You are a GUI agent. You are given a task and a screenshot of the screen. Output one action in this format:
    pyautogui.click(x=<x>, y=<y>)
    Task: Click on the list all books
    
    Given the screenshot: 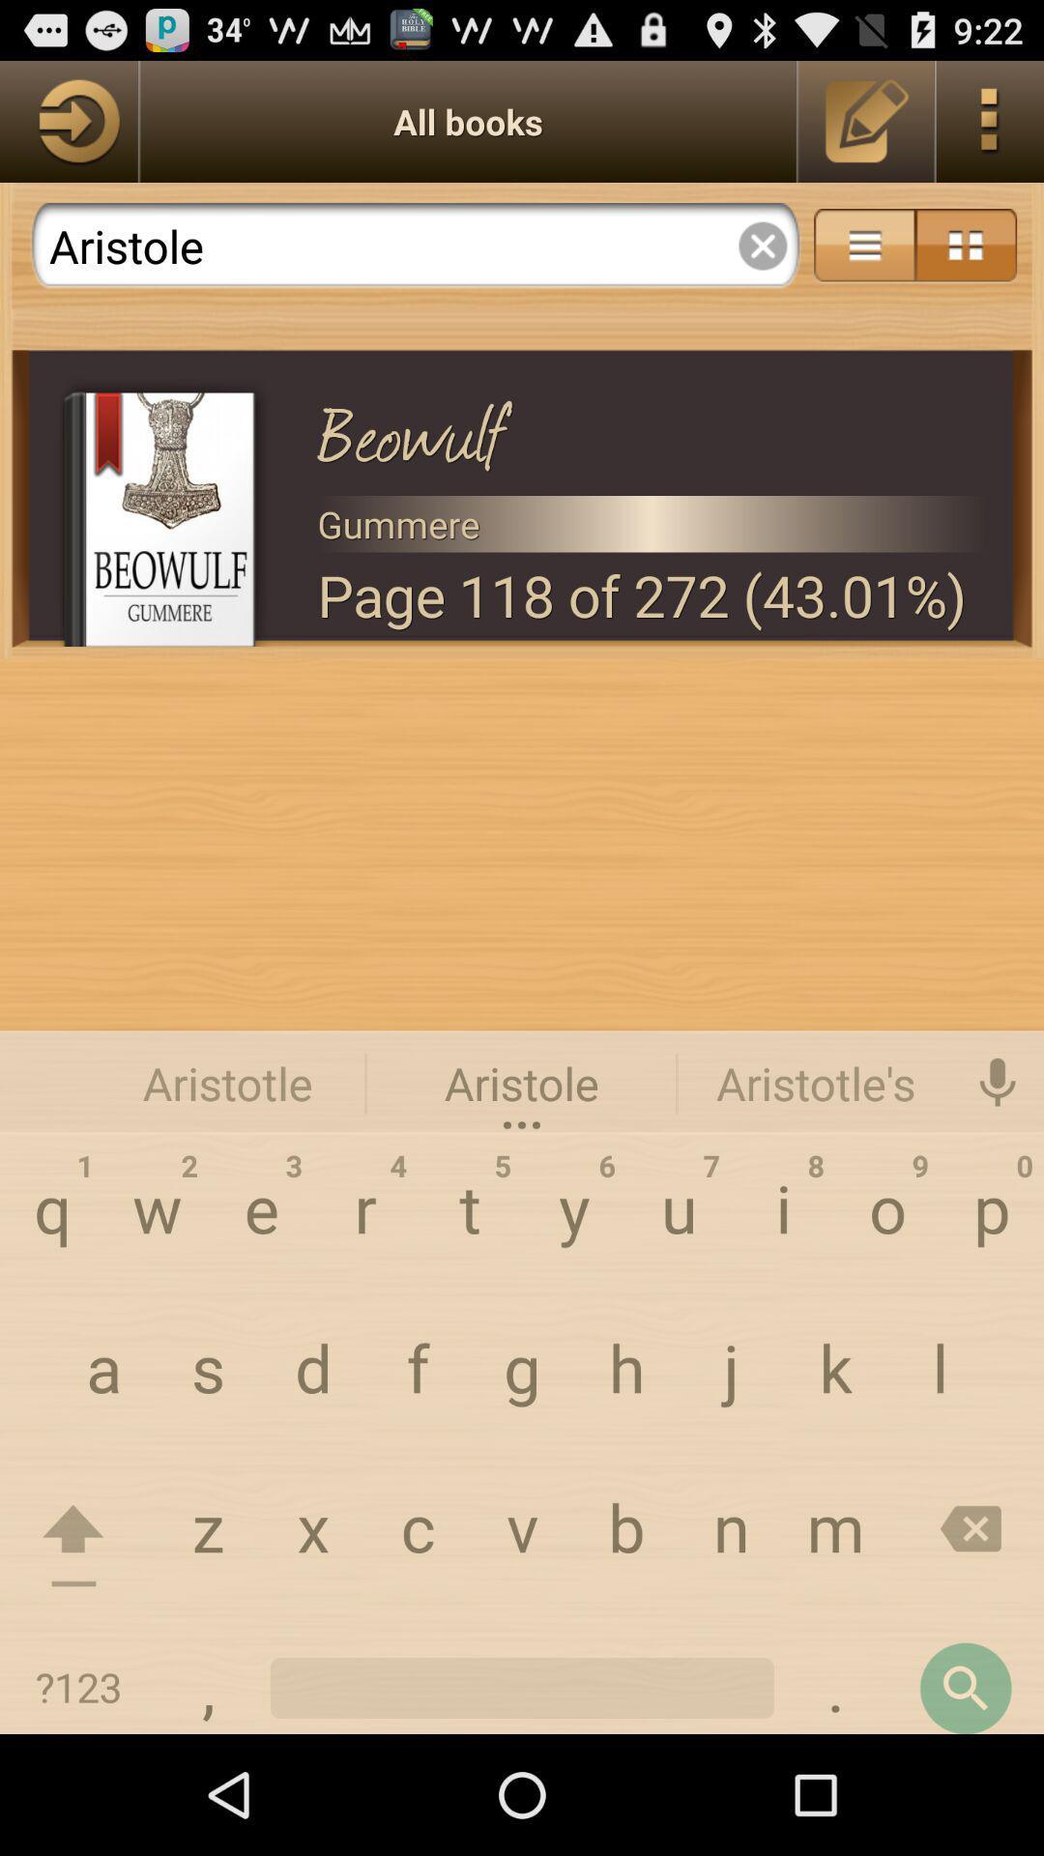 What is the action you would take?
    pyautogui.click(x=68, y=120)
    